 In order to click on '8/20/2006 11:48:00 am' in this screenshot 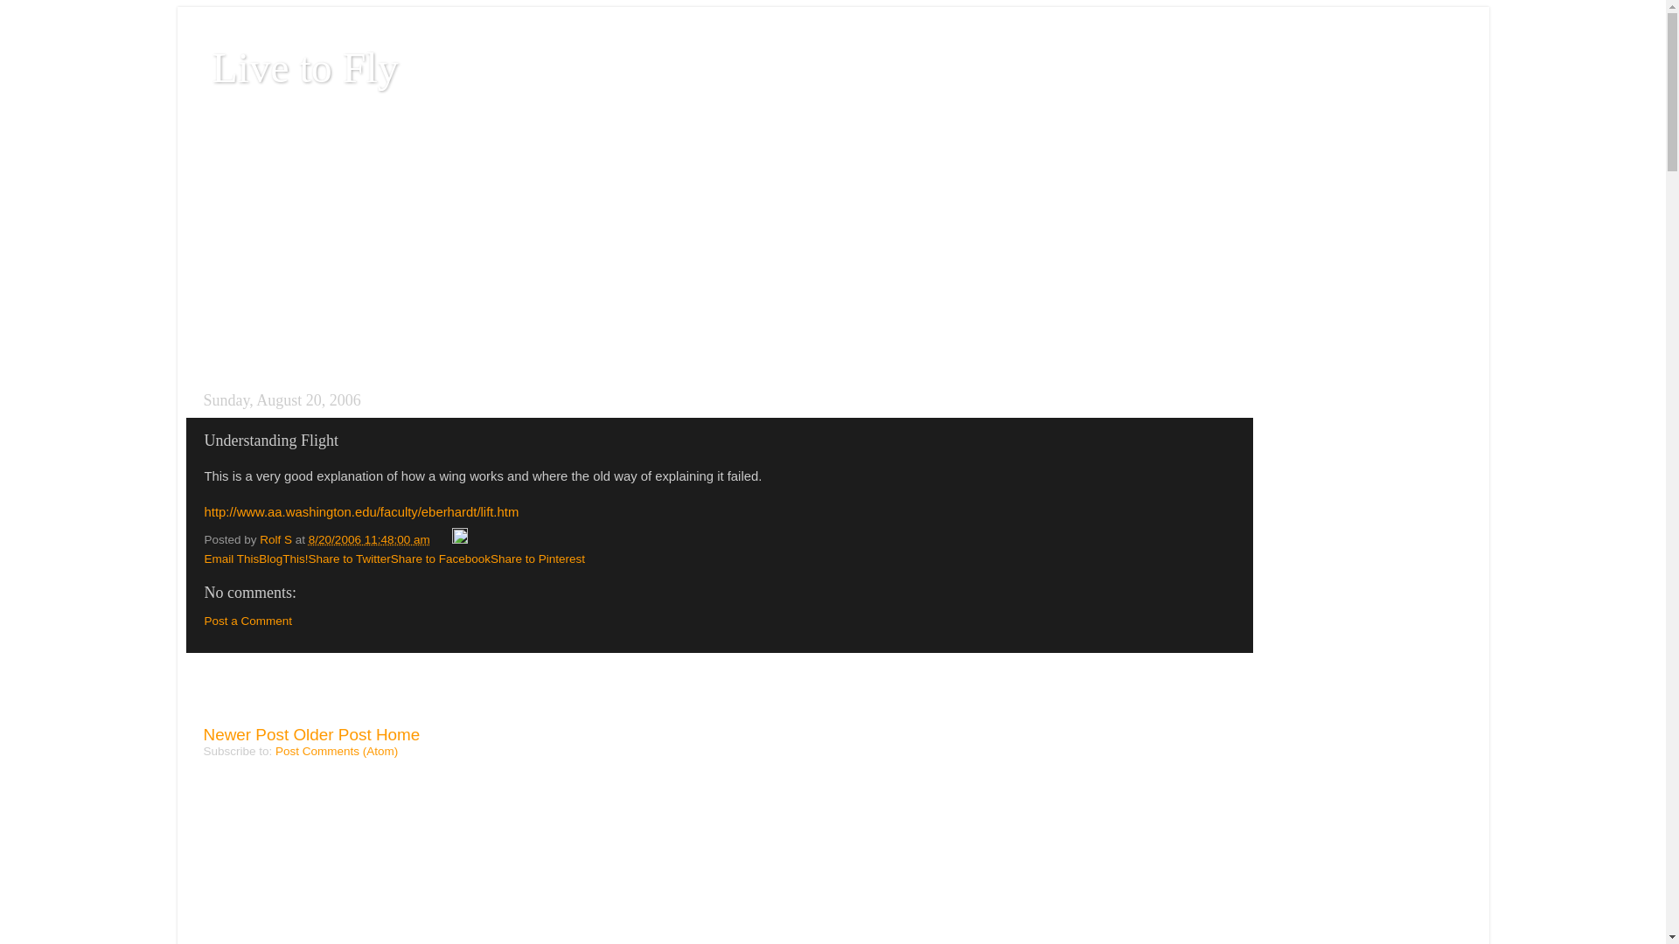, I will do `click(309, 538)`.